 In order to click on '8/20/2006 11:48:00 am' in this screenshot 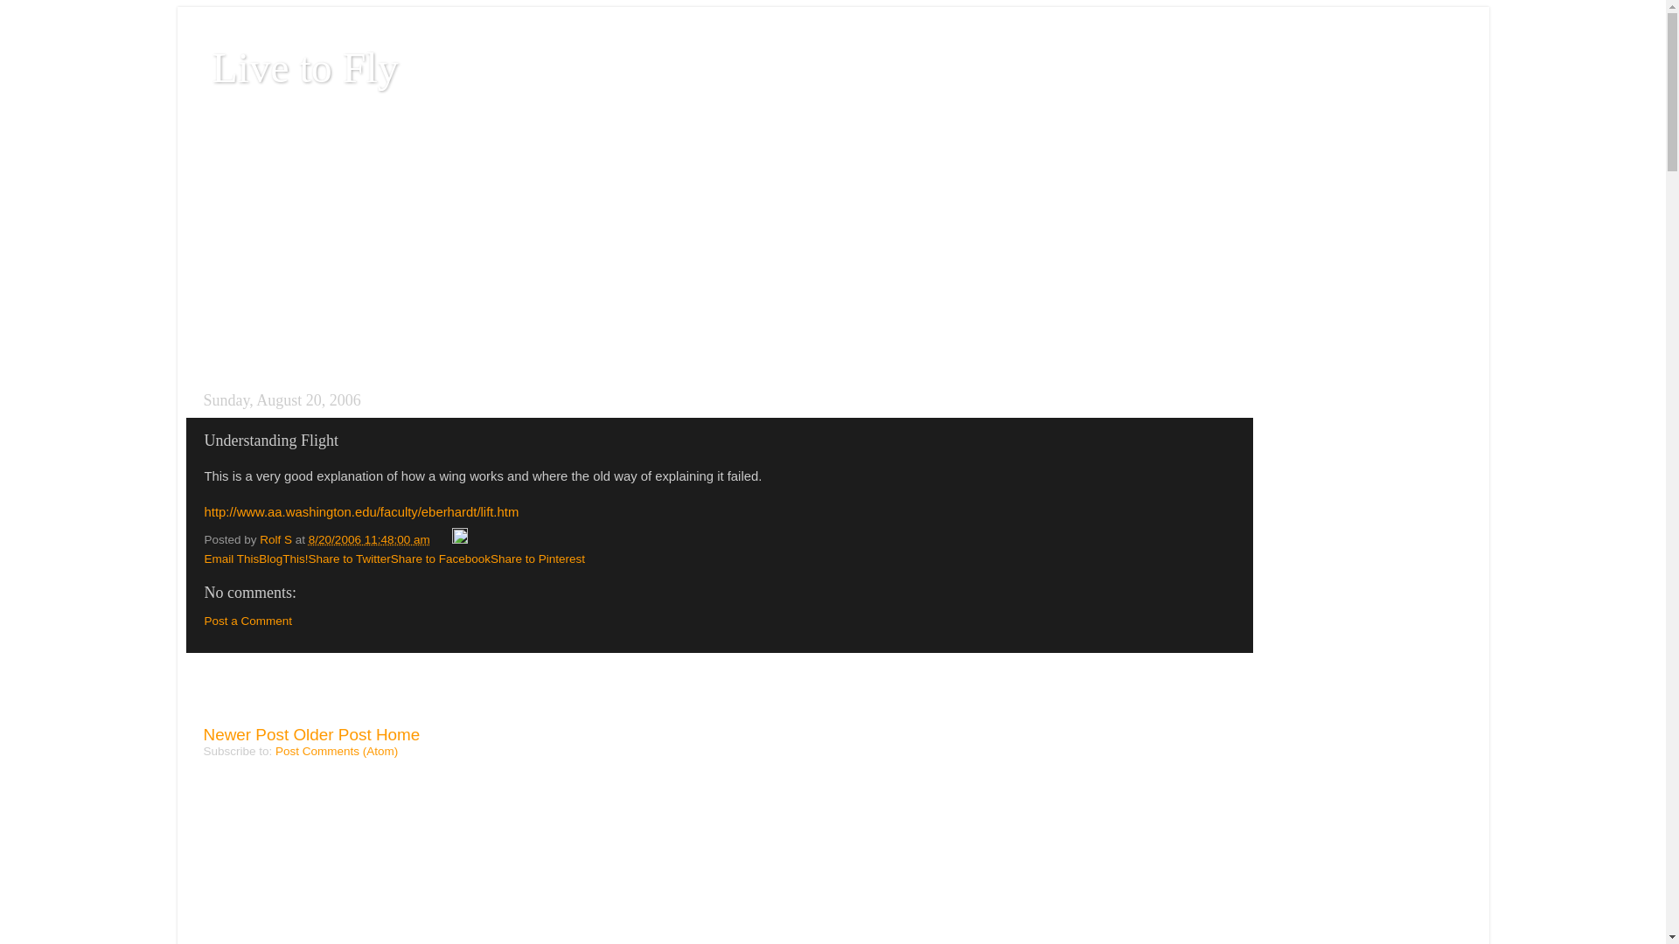, I will do `click(309, 538)`.